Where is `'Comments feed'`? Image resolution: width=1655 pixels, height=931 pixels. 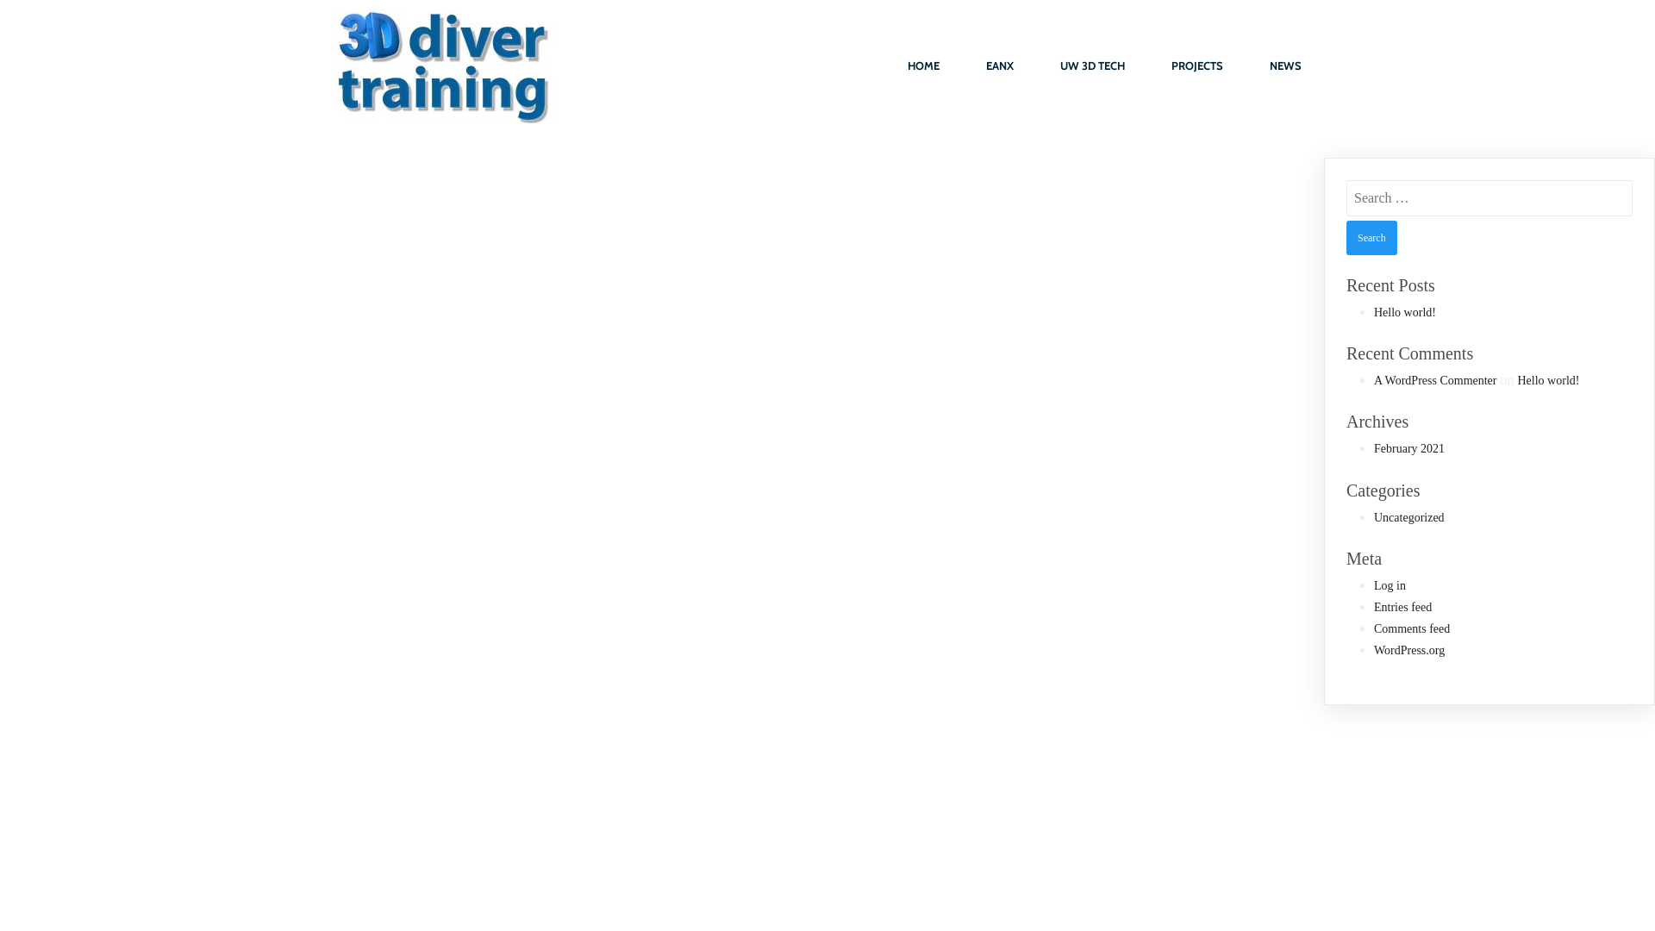
'Comments feed' is located at coordinates (1372, 628).